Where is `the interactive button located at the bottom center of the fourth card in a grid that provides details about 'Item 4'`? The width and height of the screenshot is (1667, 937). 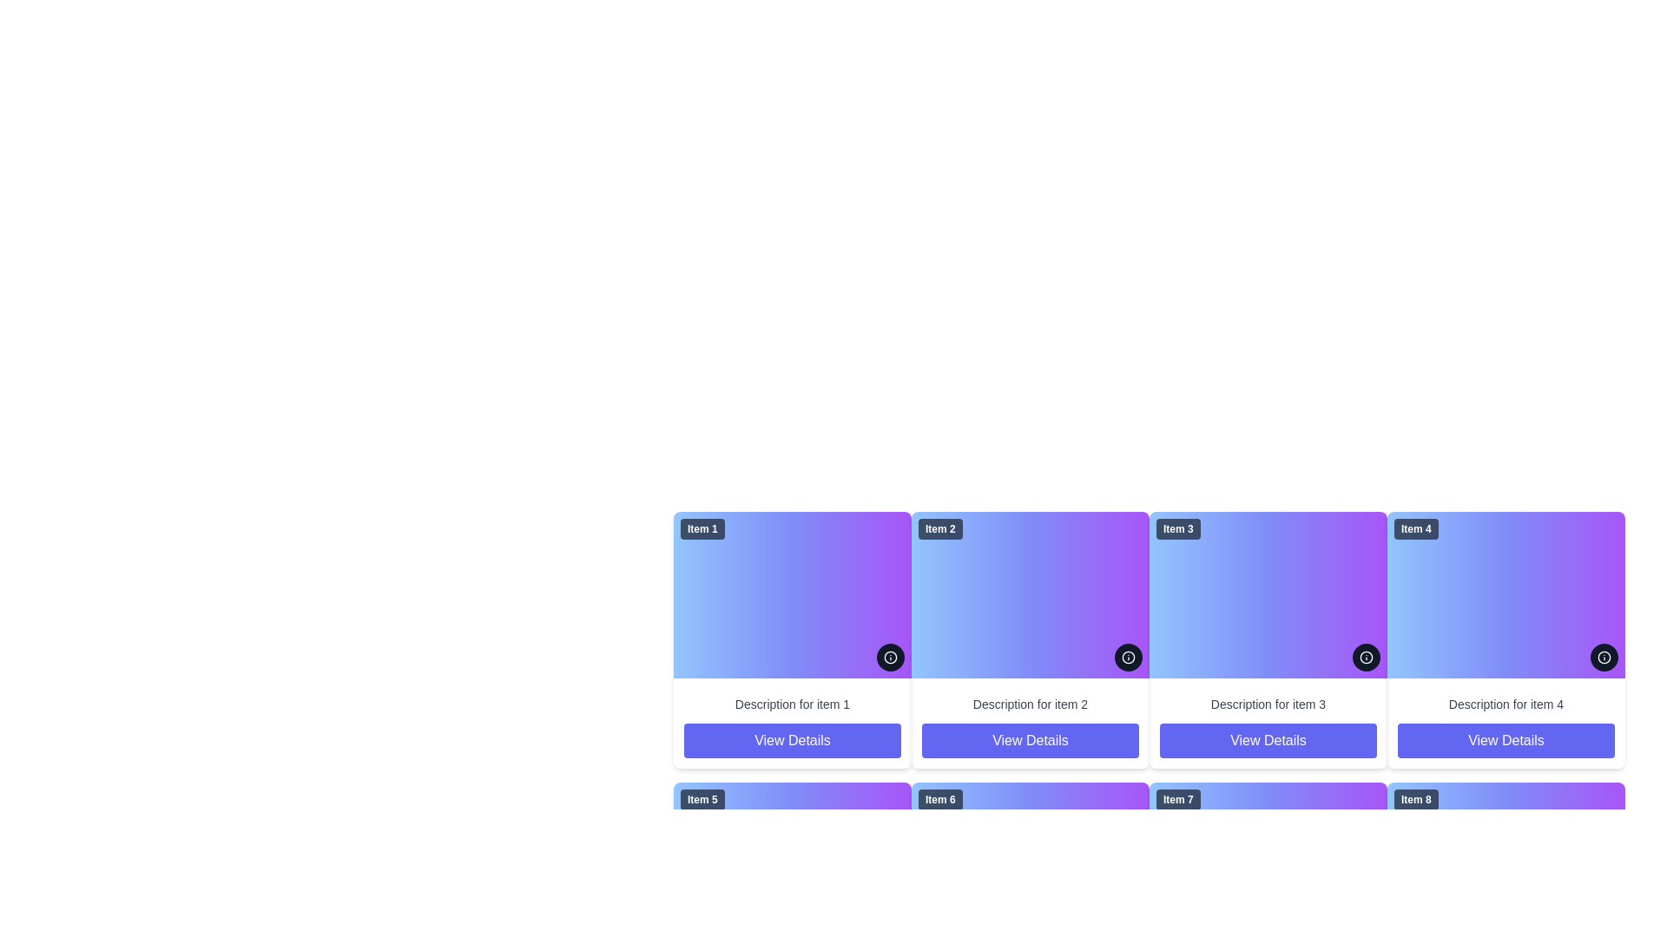
the interactive button located at the bottom center of the fourth card in a grid that provides details about 'Item 4' is located at coordinates (1505, 723).